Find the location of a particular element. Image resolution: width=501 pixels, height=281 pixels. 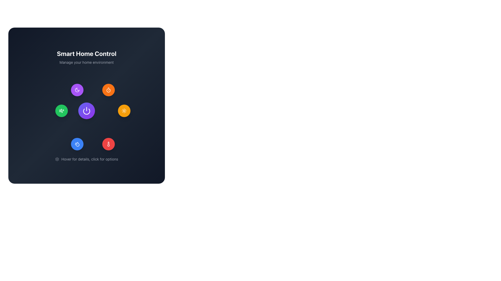

the night mode button in the smart home control panel is located at coordinates (77, 90).